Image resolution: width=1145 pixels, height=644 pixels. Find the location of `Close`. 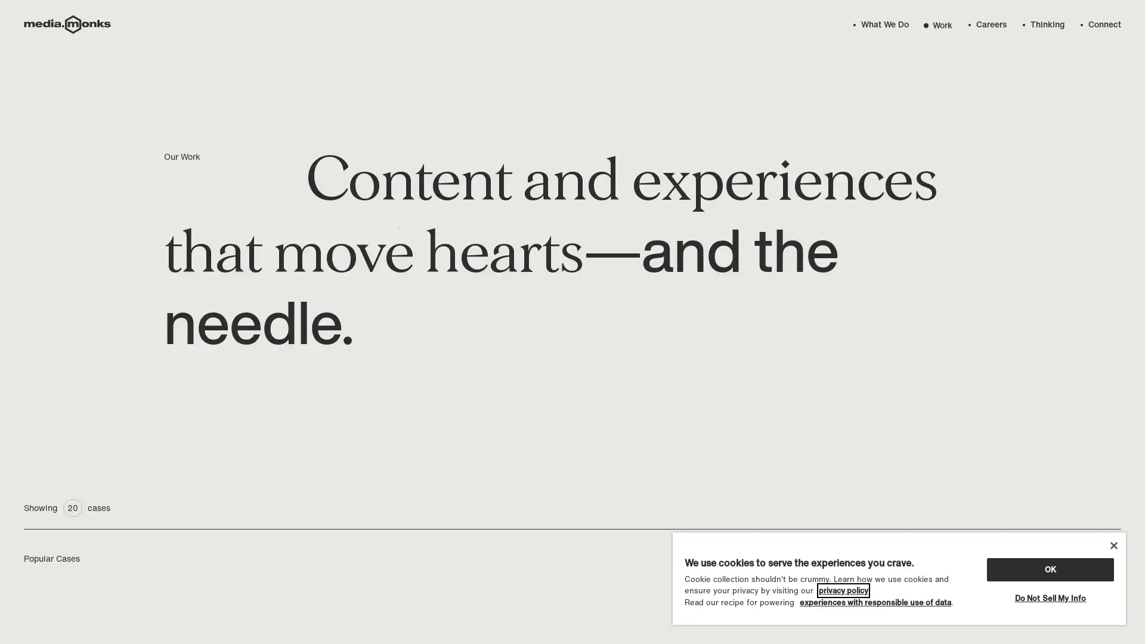

Close is located at coordinates (1113, 545).